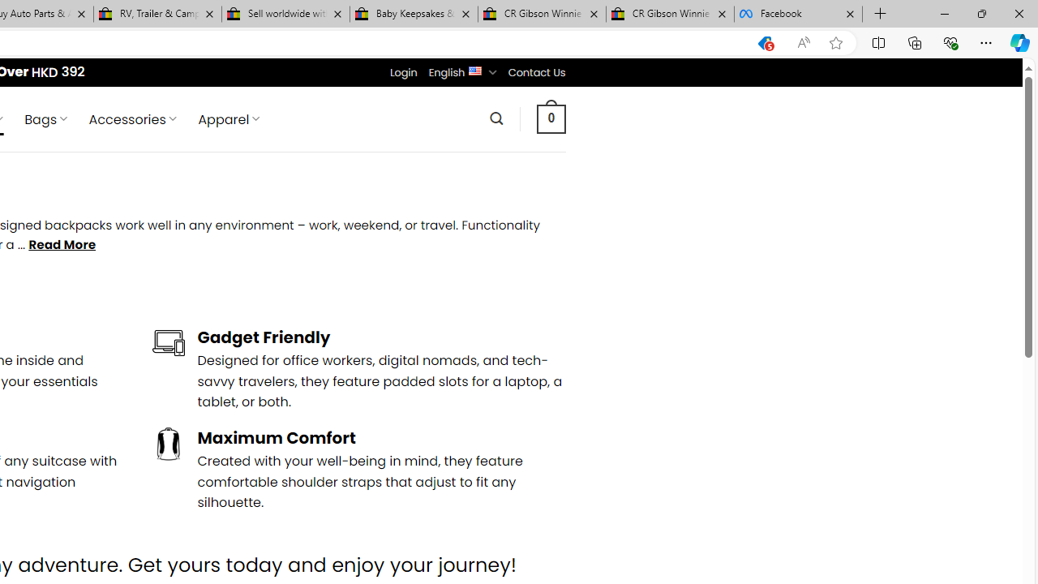 The height and width of the screenshot is (584, 1038). Describe the element at coordinates (285, 14) in the screenshot. I see `'Sell worldwide with eBay'` at that location.